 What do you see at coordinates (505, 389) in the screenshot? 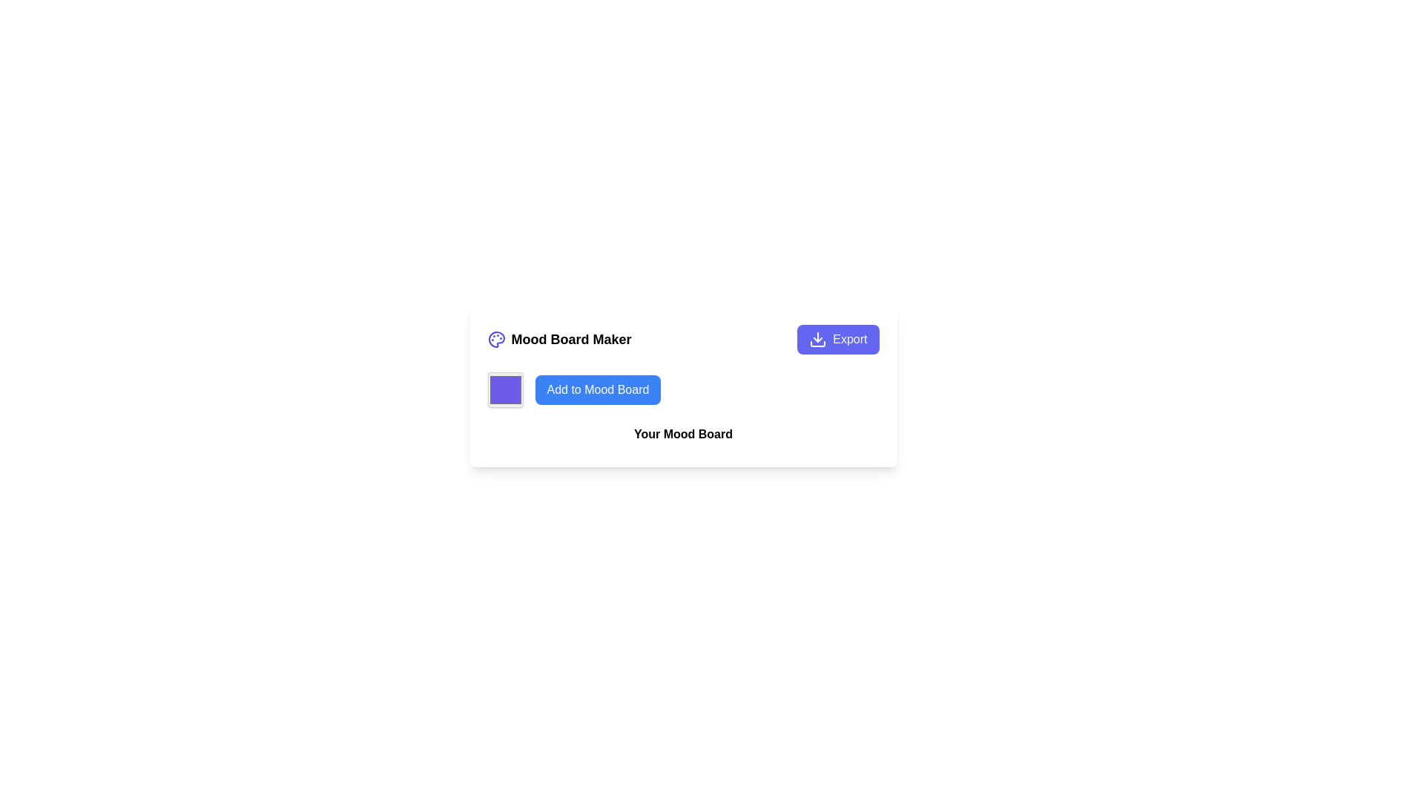
I see `the square-shaped color picker input with a filled color of #6c5ce7` at bounding box center [505, 389].